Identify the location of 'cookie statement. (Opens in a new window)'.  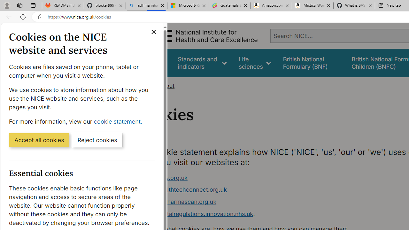
(119, 121).